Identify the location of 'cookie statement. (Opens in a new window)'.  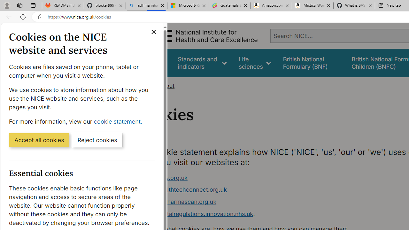
(119, 121).